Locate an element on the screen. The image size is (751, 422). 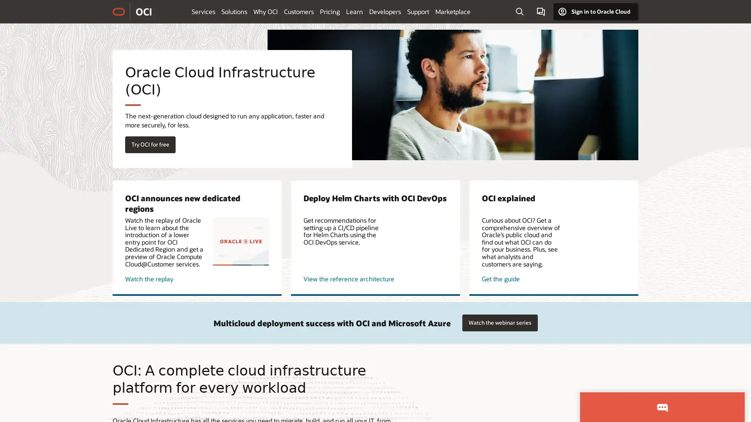
Pricing is located at coordinates (330, 11).